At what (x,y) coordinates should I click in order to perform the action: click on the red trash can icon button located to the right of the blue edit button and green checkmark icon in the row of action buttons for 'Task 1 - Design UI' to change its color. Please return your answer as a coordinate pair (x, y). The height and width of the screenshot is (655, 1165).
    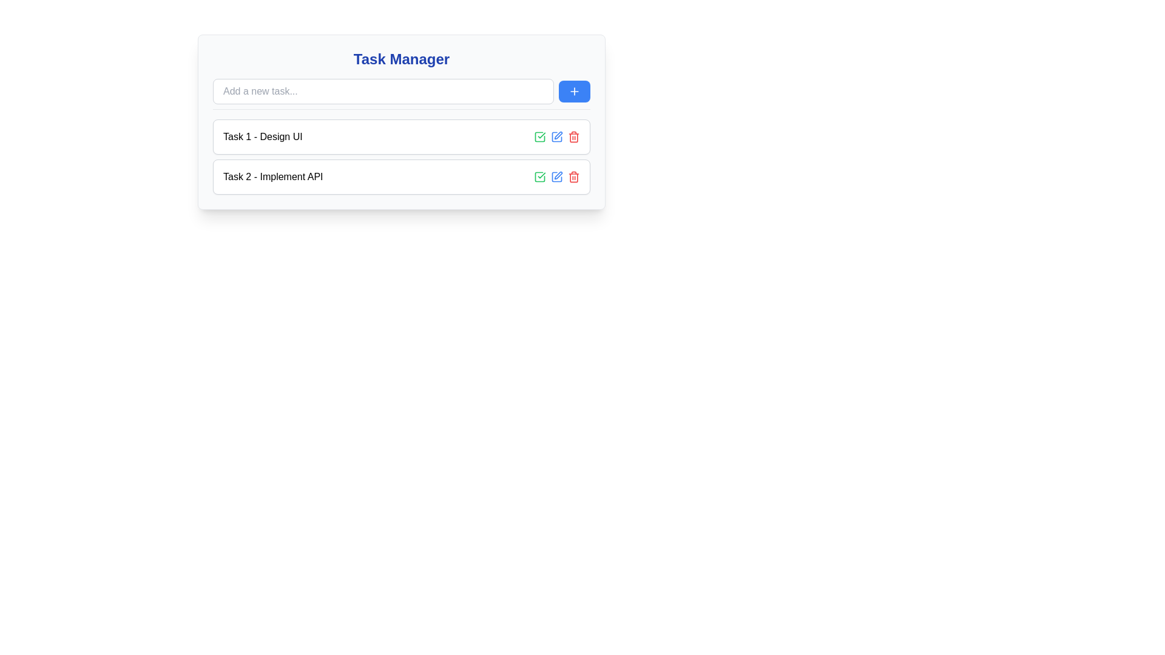
    Looking at the image, I should click on (573, 177).